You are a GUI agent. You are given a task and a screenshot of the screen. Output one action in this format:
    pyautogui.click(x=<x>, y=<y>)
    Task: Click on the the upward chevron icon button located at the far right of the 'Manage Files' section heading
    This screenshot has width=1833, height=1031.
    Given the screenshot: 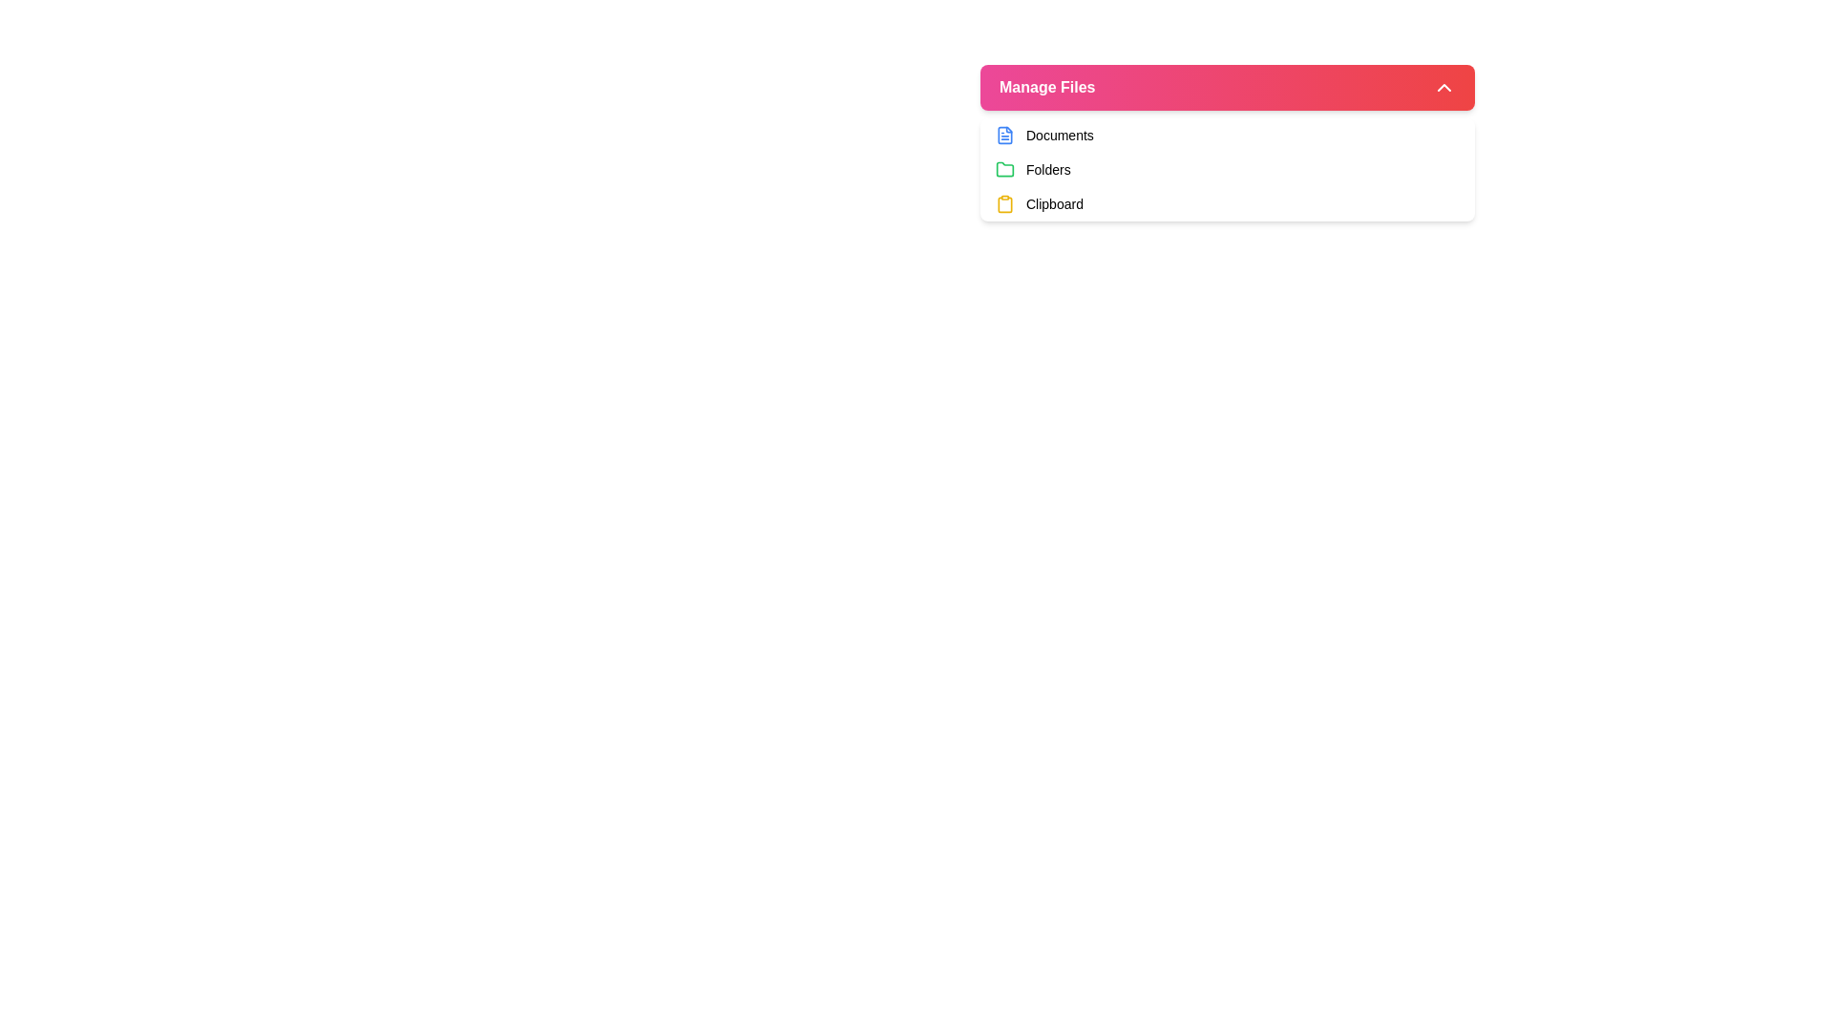 What is the action you would take?
    pyautogui.click(x=1443, y=88)
    